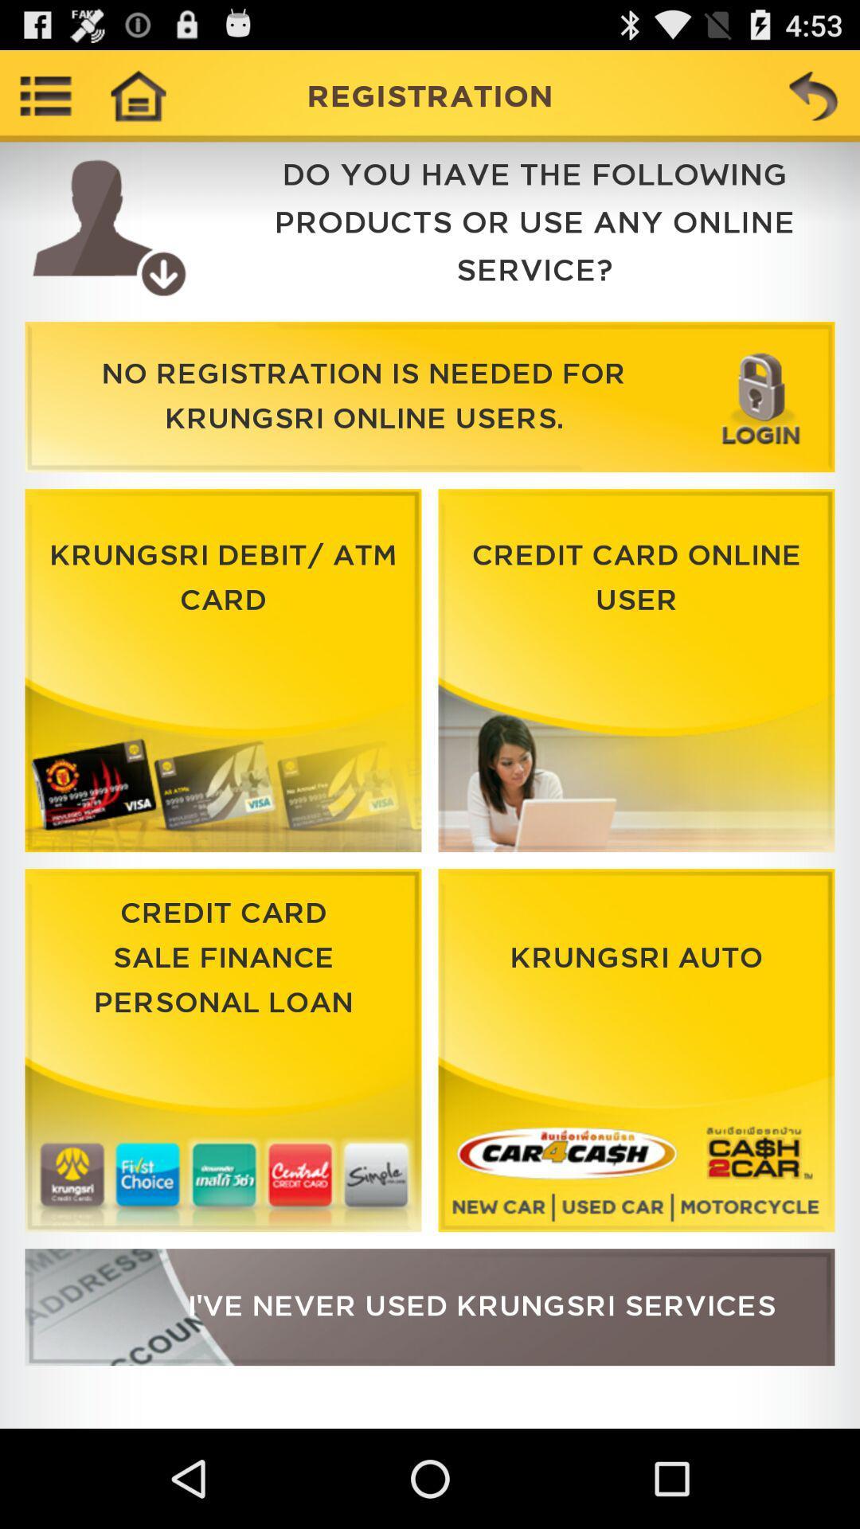 The width and height of the screenshot is (860, 1529). Describe the element at coordinates (430, 1307) in the screenshot. I see `register account option` at that location.